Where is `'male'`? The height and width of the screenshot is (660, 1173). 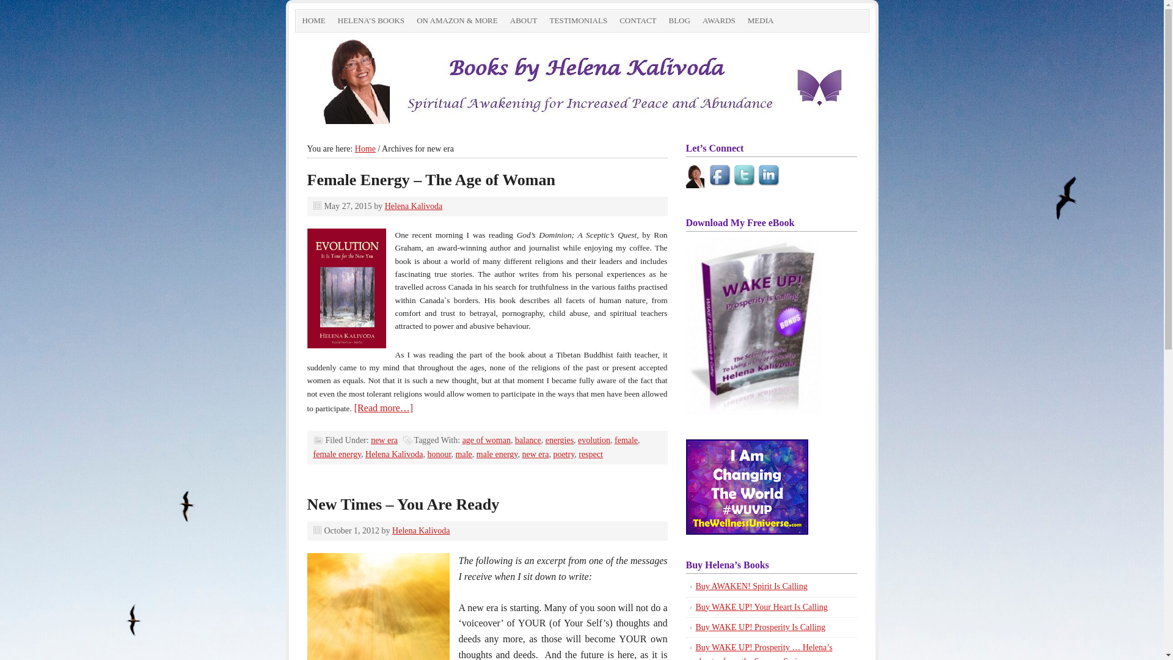
'male' is located at coordinates (463, 454).